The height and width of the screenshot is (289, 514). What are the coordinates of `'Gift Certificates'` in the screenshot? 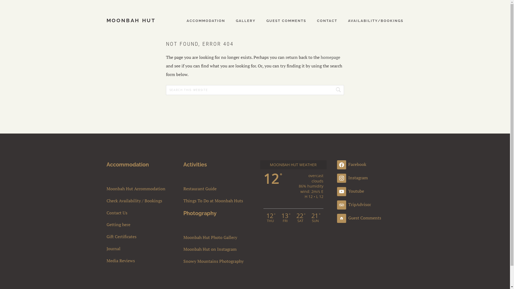 It's located at (140, 236).